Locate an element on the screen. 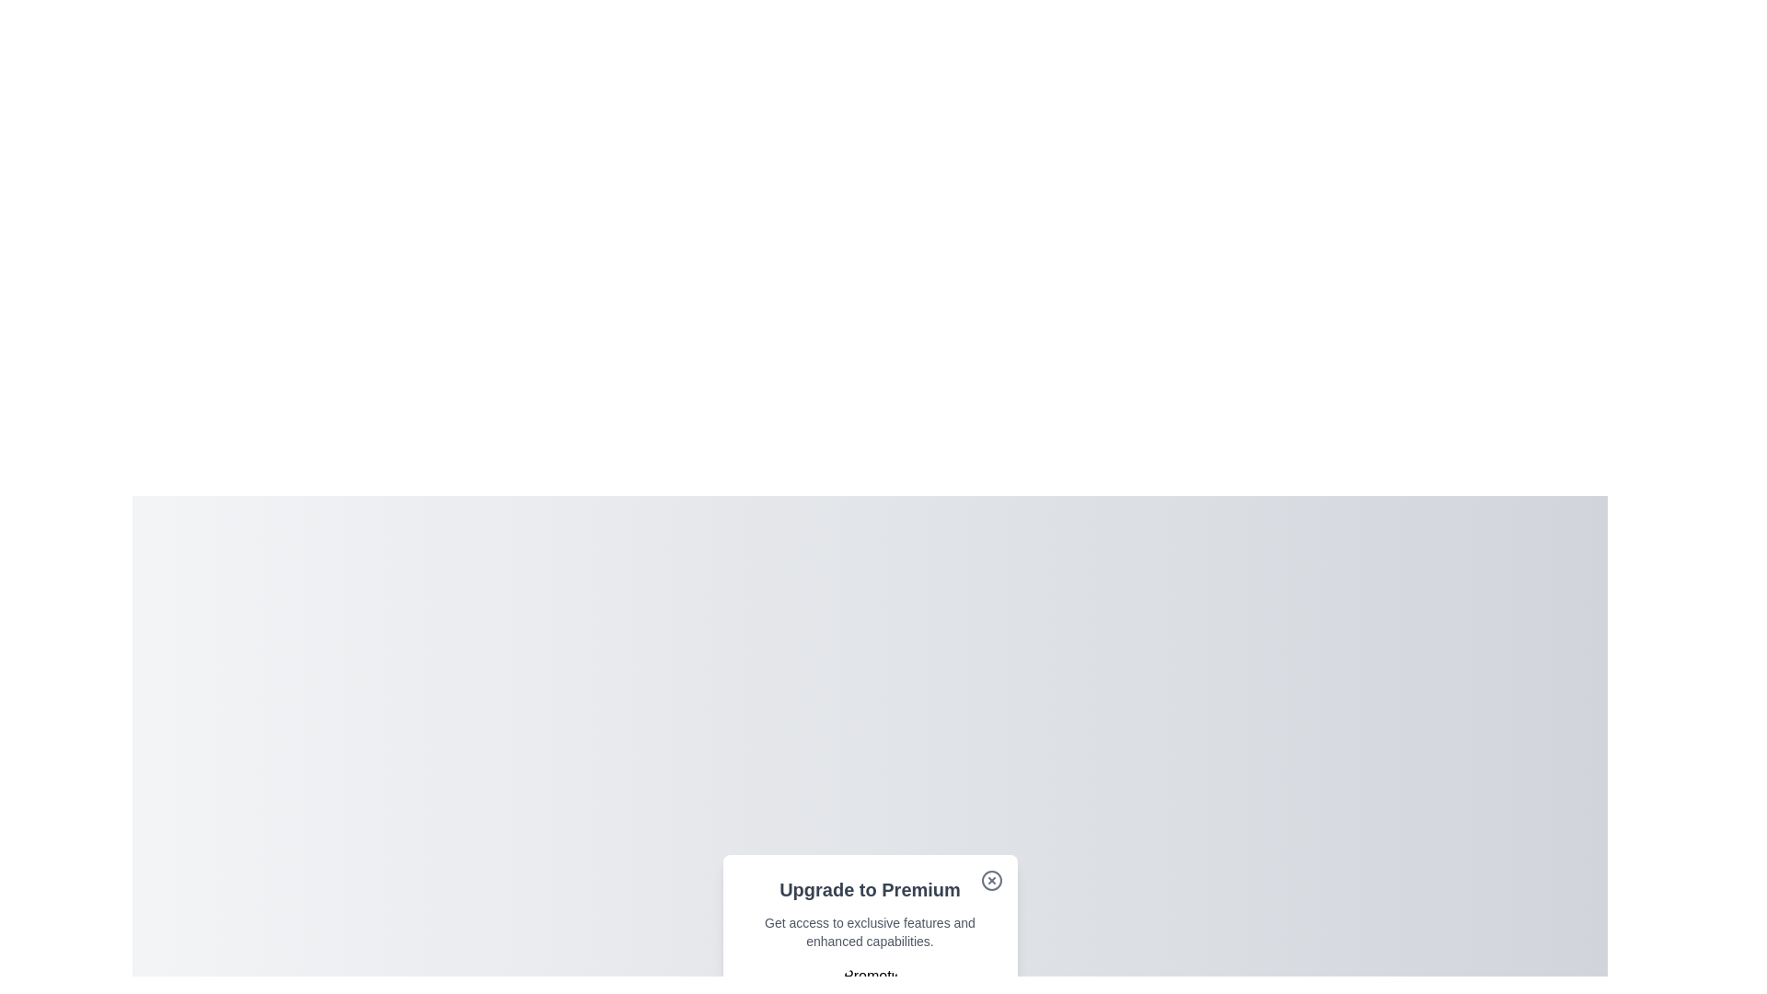  the element close_button to observe its hover effect is located at coordinates (990, 879).